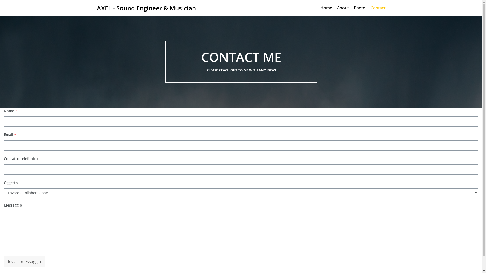  Describe the element at coordinates (146, 8) in the screenshot. I see `'AXEL - Sound Engineer & Musician'` at that location.